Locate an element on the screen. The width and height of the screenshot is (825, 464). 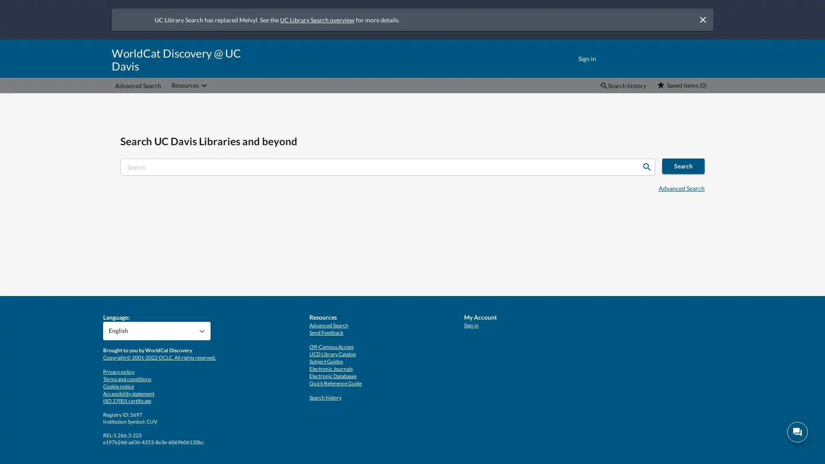
Resources is located at coordinates (189, 85).